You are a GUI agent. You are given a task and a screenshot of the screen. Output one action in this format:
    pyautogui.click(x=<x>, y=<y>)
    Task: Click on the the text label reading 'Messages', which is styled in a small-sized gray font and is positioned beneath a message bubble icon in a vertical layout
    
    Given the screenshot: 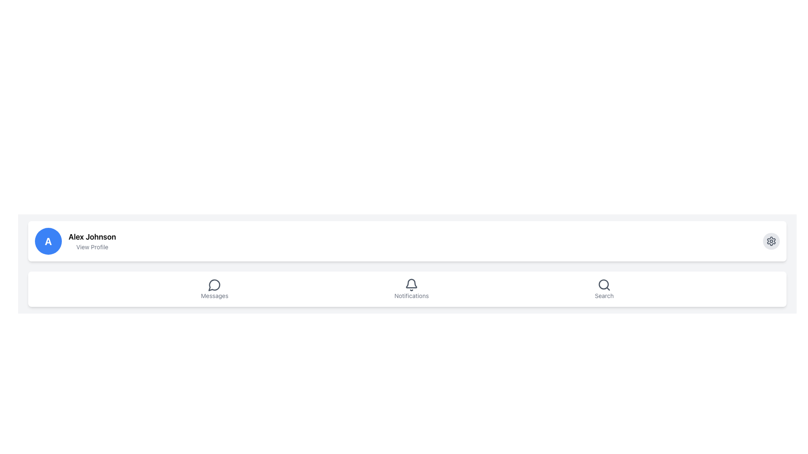 What is the action you would take?
    pyautogui.click(x=215, y=296)
    